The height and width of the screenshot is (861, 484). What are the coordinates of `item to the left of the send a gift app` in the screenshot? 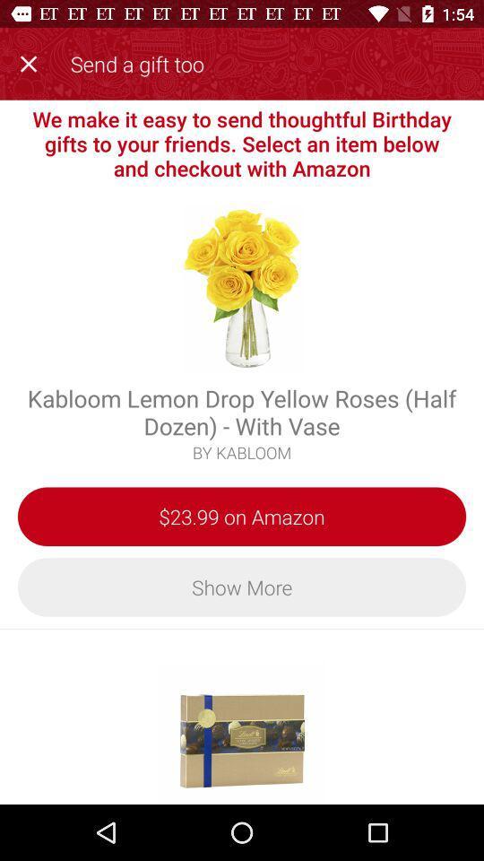 It's located at (32, 61).